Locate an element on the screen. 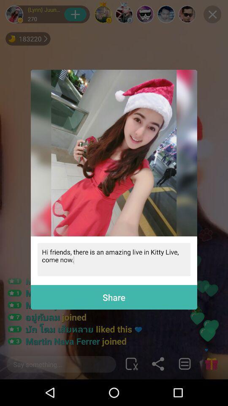 This screenshot has height=406, width=228. the share at the bottom is located at coordinates (114, 297).